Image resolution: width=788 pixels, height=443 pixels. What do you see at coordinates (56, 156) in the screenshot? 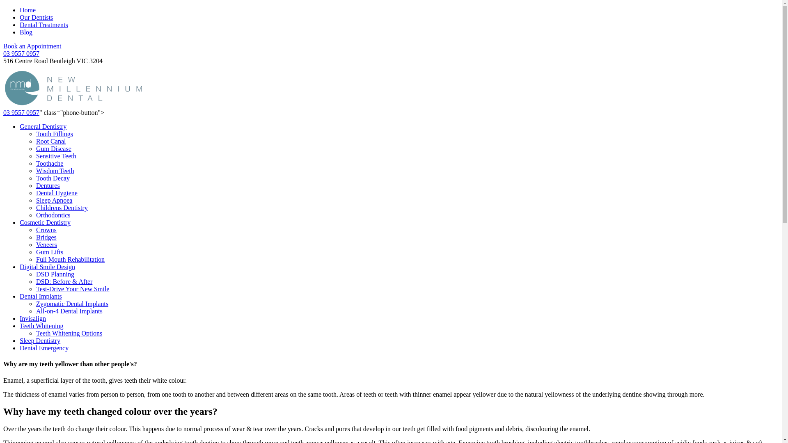
I see `'Sensitive Teeth'` at bounding box center [56, 156].